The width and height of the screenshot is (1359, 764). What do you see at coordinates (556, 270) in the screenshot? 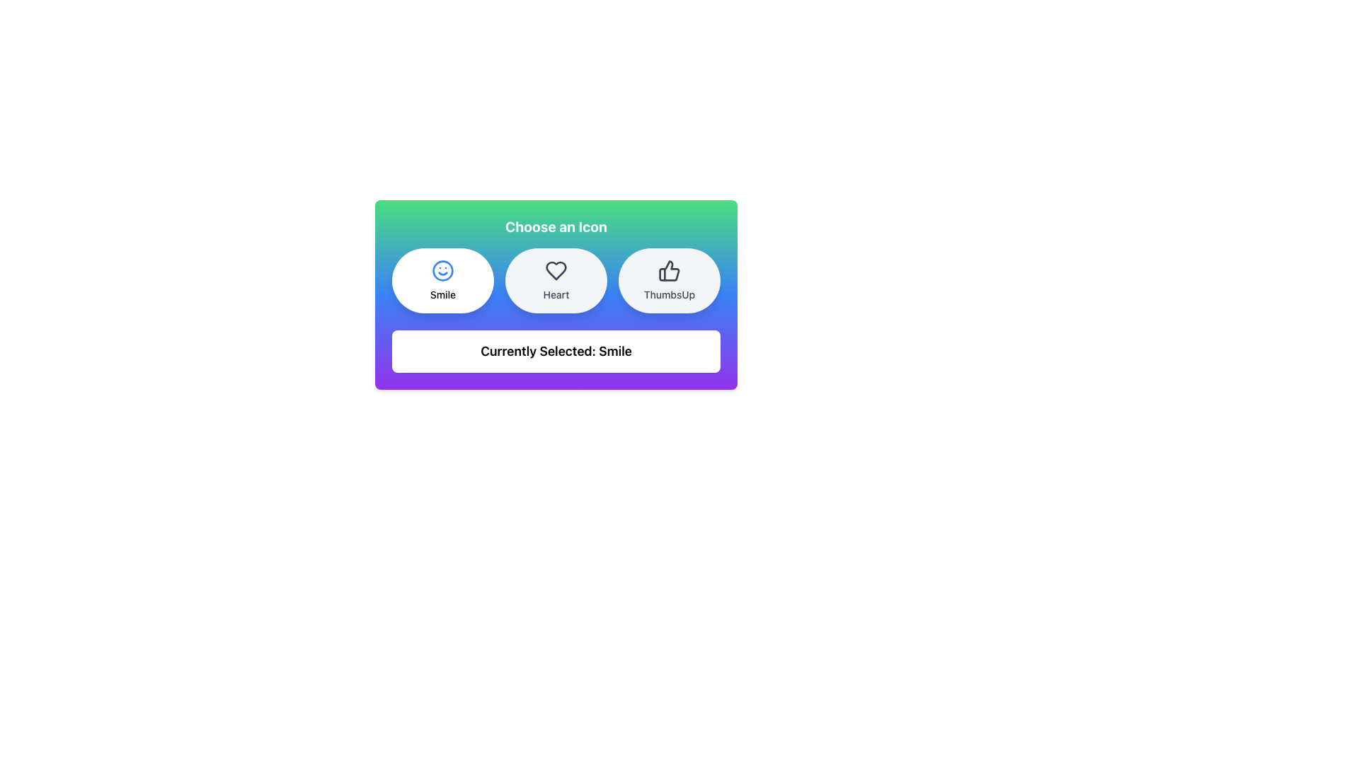
I see `the heart icon located in the center of the circular button, which is part of a selection interface with the label 'Heart' below it` at bounding box center [556, 270].